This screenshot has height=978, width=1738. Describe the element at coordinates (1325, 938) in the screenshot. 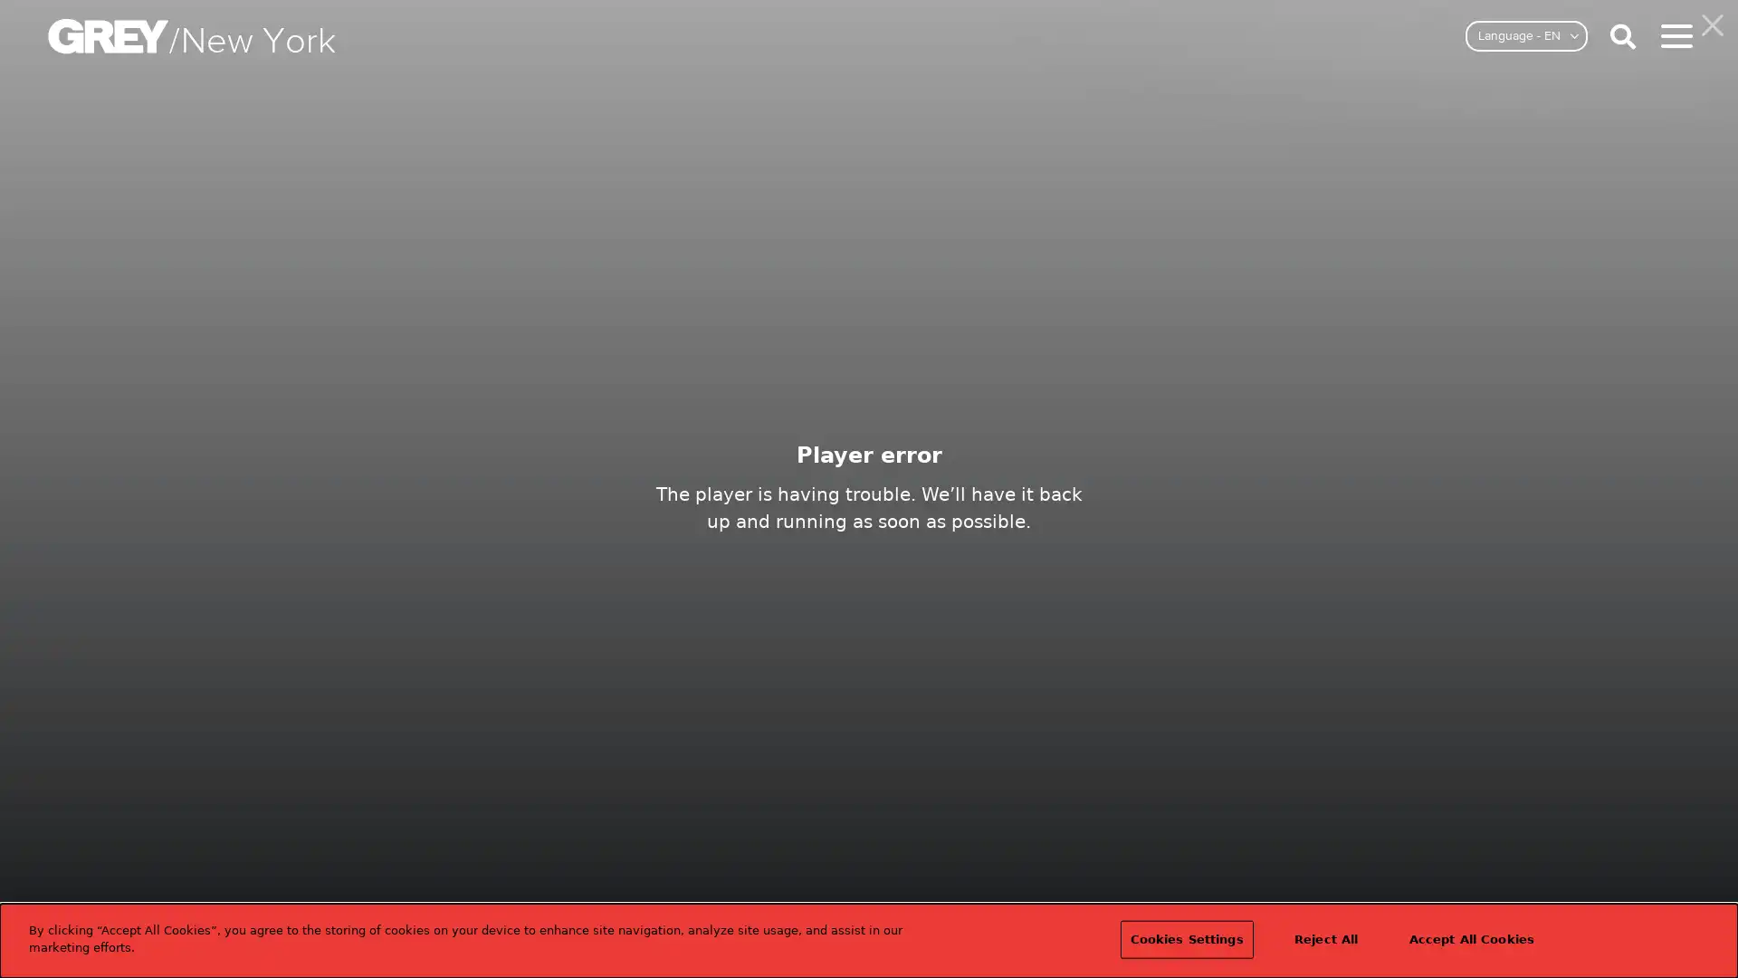

I see `Reject All` at that location.